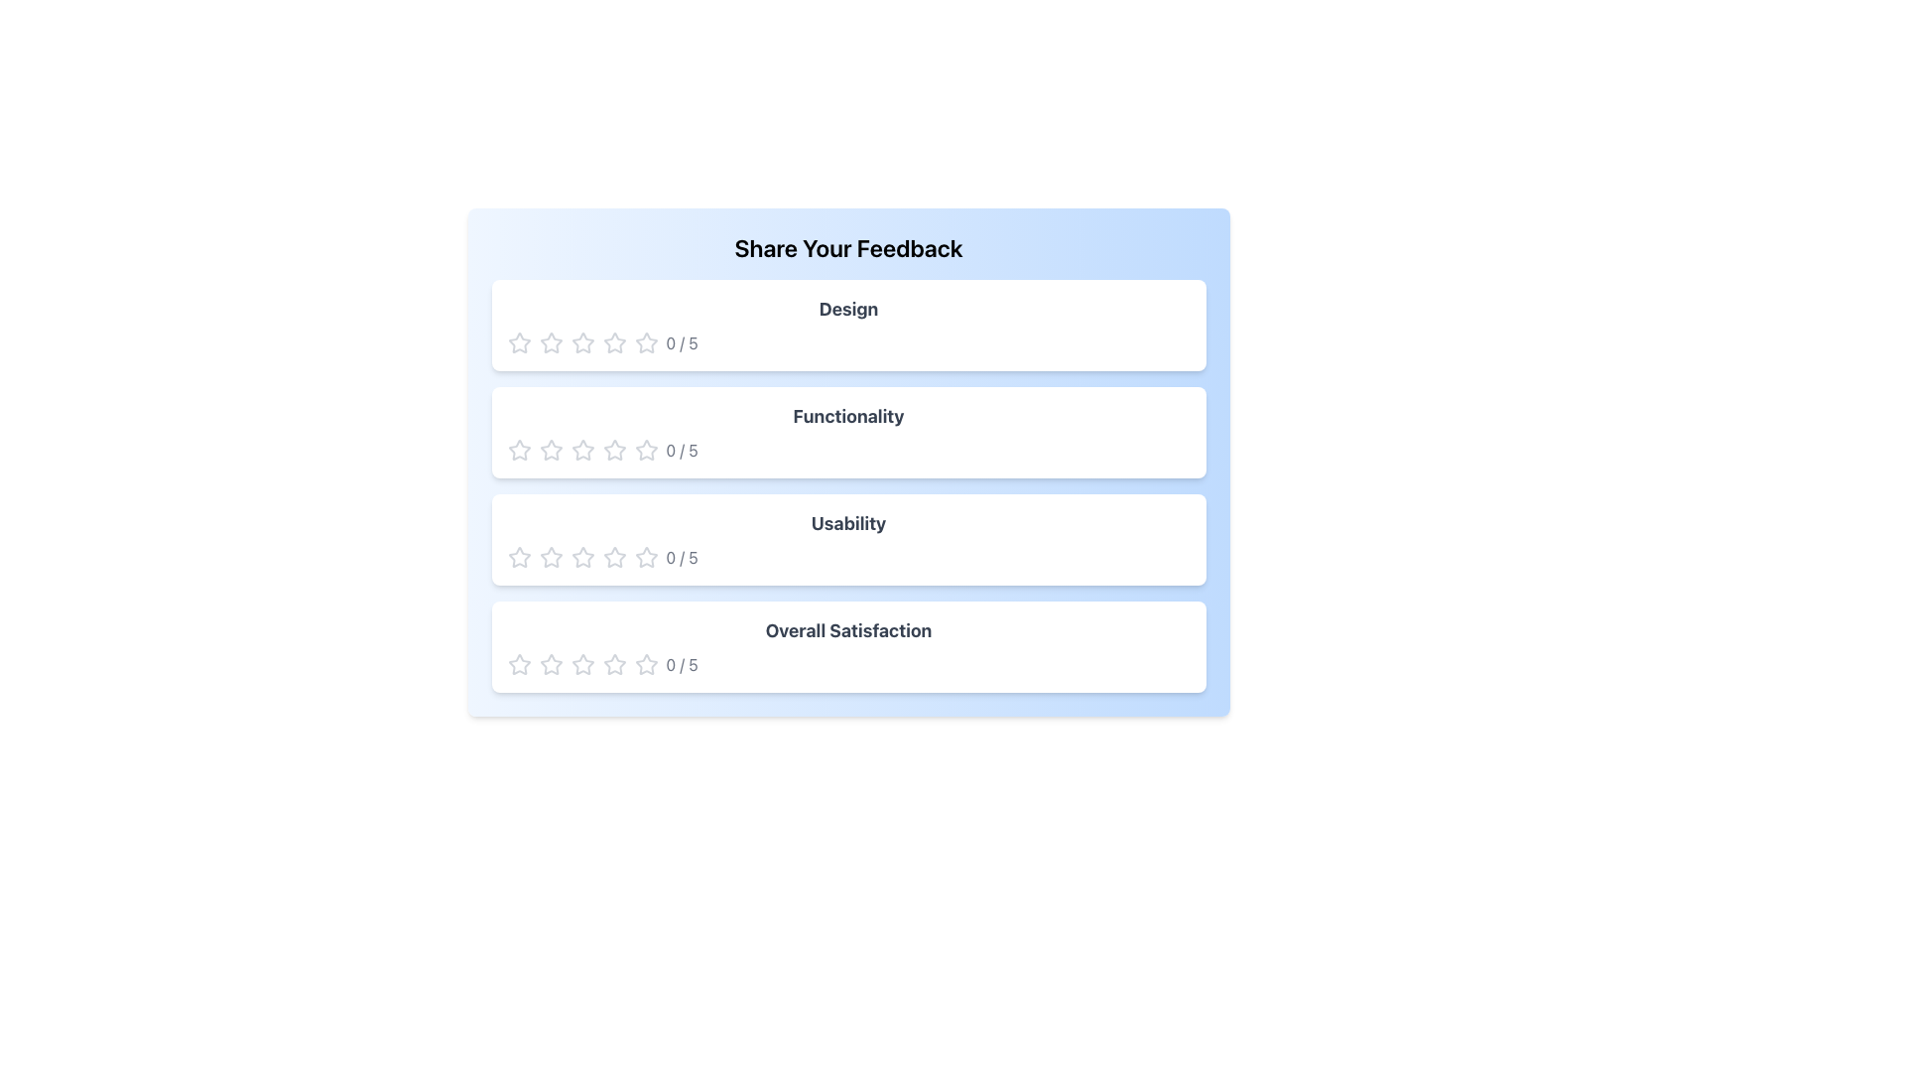 Image resolution: width=1905 pixels, height=1072 pixels. I want to click on the fourth star-shaped Rating Icon in the Overall Satisfaction section, so click(613, 665).